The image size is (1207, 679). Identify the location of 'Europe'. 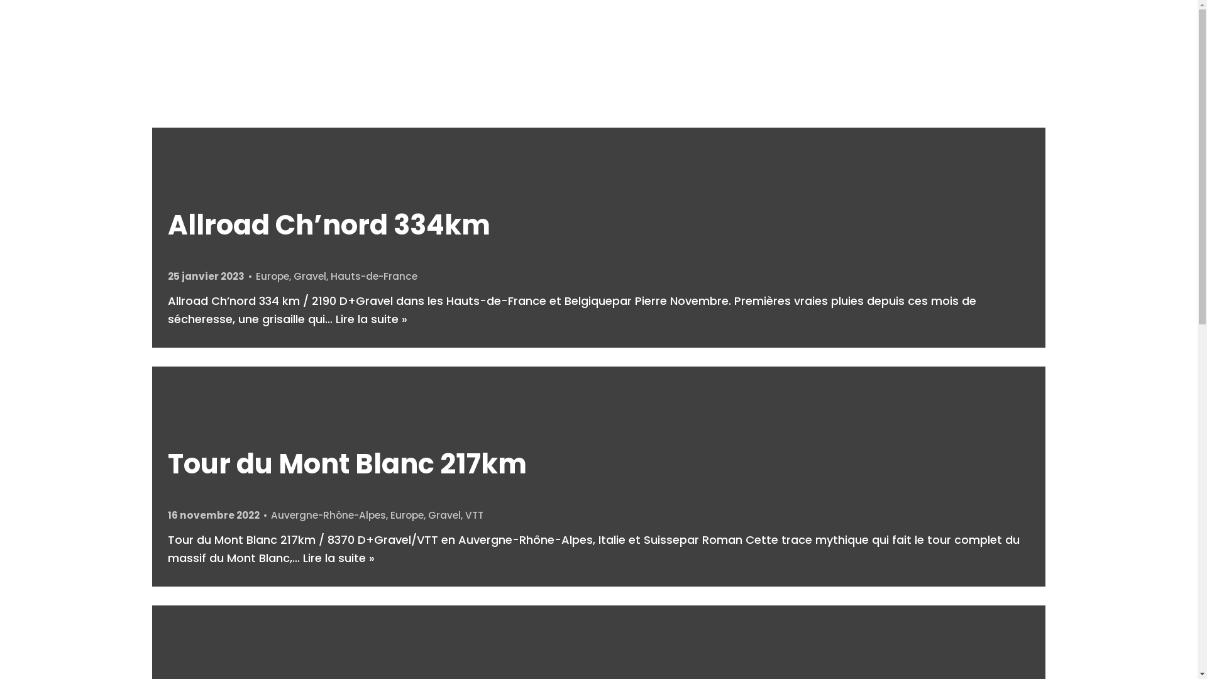
(407, 515).